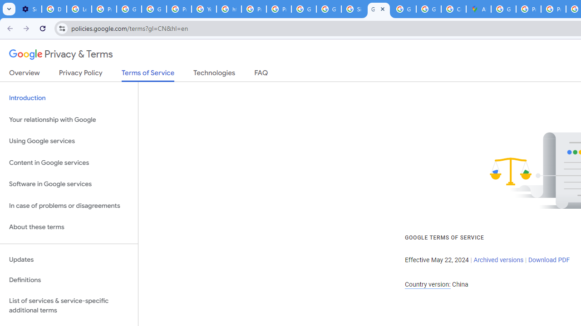 This screenshot has width=581, height=326. Describe the element at coordinates (69, 280) in the screenshot. I see `'Definitions'` at that location.